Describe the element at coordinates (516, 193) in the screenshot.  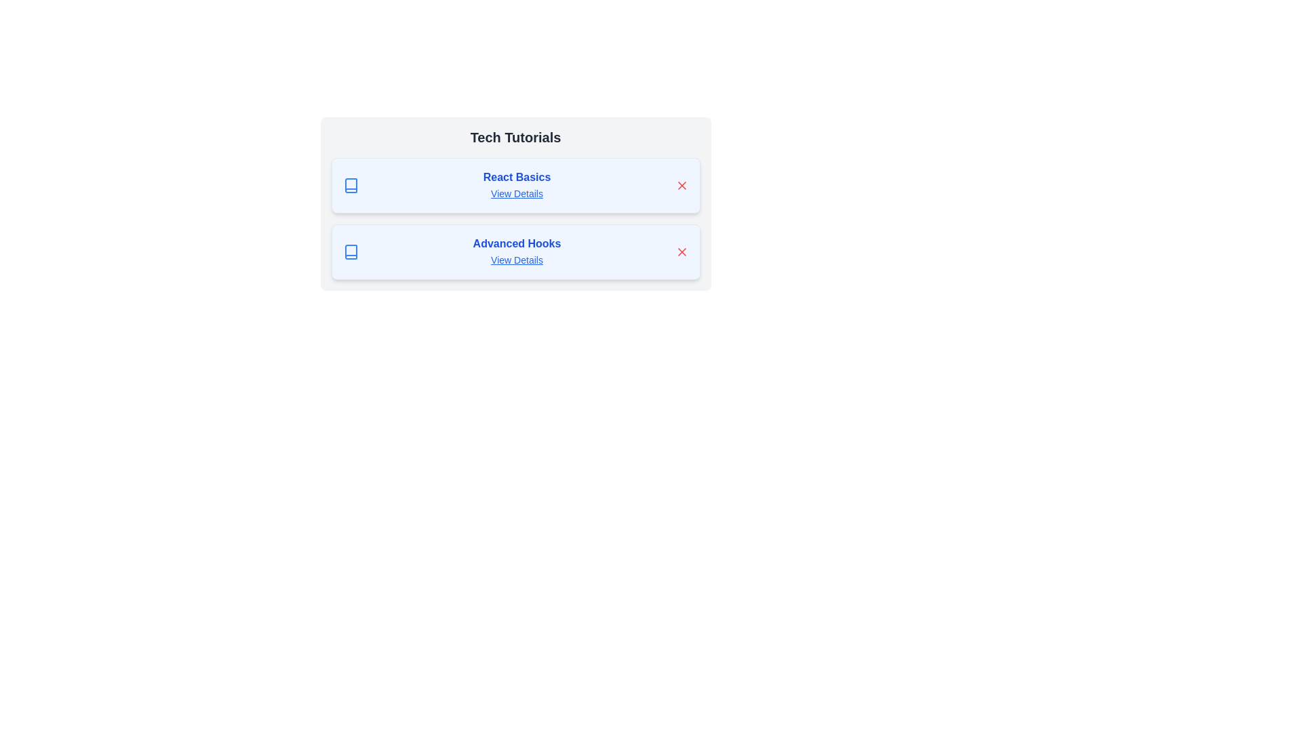
I see `the 'View Details' button for the chip labeled 'React Basics'` at that location.